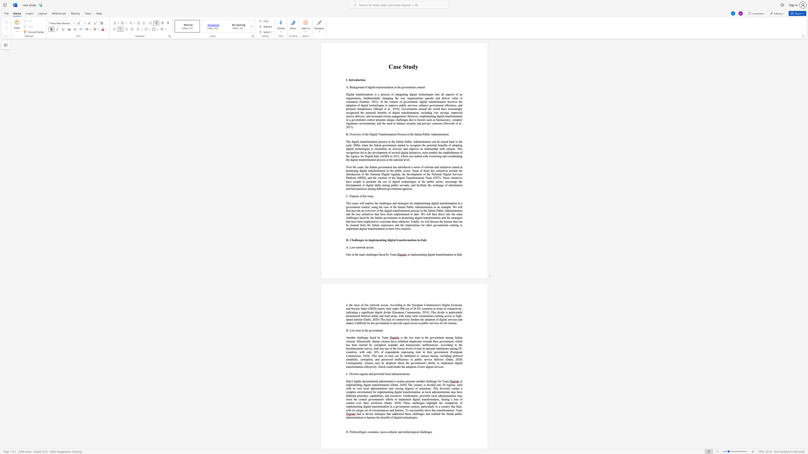 This screenshot has width=808, height=454. Describe the element at coordinates (418, 345) in the screenshot. I see `the subset text "ic inefficiencies. According to the Eurobarometer survey, Italy has one of the lowest l" within the text "skepticism towards their government, which has been marred by corruption scandals and bureaucratic inefficiencies. According to the Eurobarometer survey, Italy has one of the lowest levels of trust in national institutions among EU countries, with only 36% of respondents expressing trust in their government (European Commission, 2018). This lack of trust can be at"` at that location.